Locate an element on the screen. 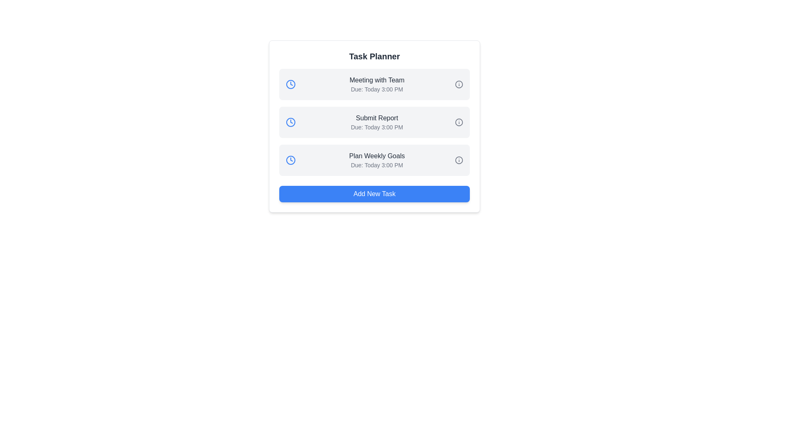 This screenshot has width=792, height=445. the 'Meeting with Team' task panel is located at coordinates (374, 84).